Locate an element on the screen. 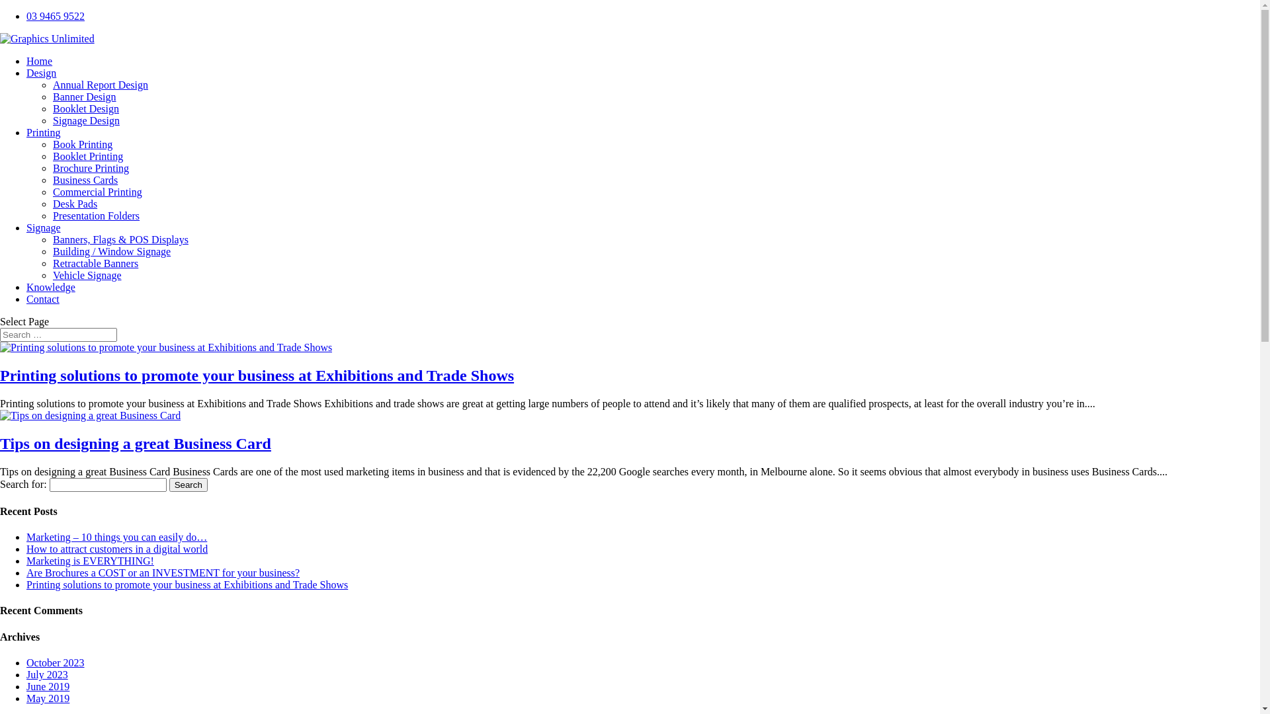  'July 2023' is located at coordinates (47, 674).